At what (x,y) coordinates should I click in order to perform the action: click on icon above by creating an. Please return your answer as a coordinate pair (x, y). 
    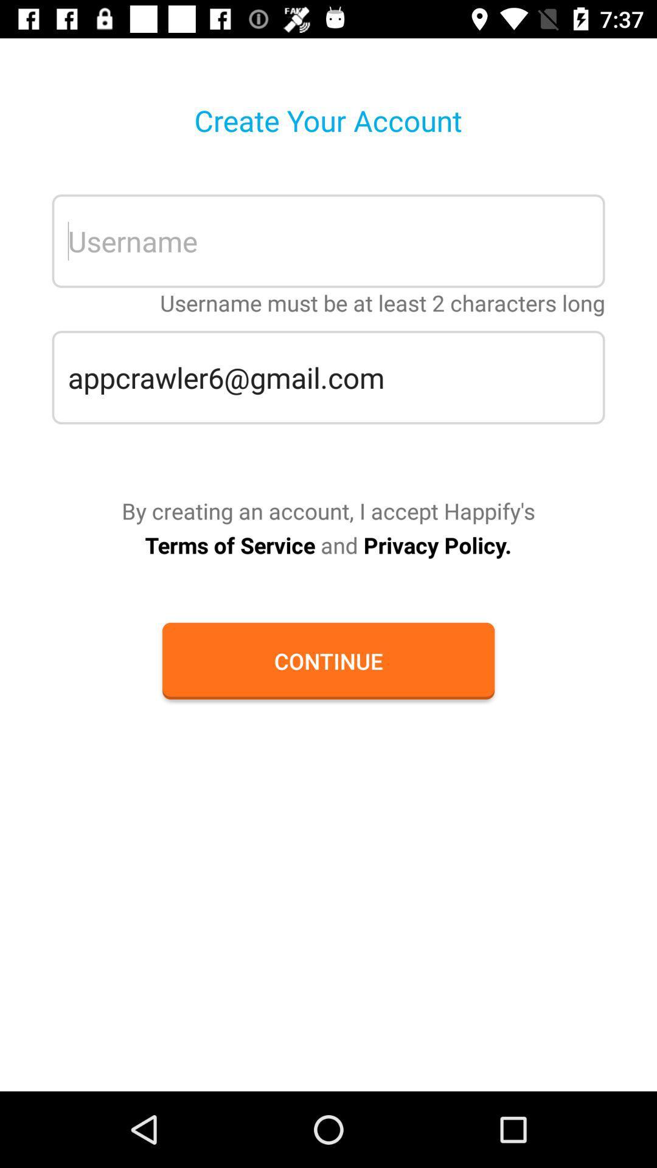
    Looking at the image, I should click on (328, 377).